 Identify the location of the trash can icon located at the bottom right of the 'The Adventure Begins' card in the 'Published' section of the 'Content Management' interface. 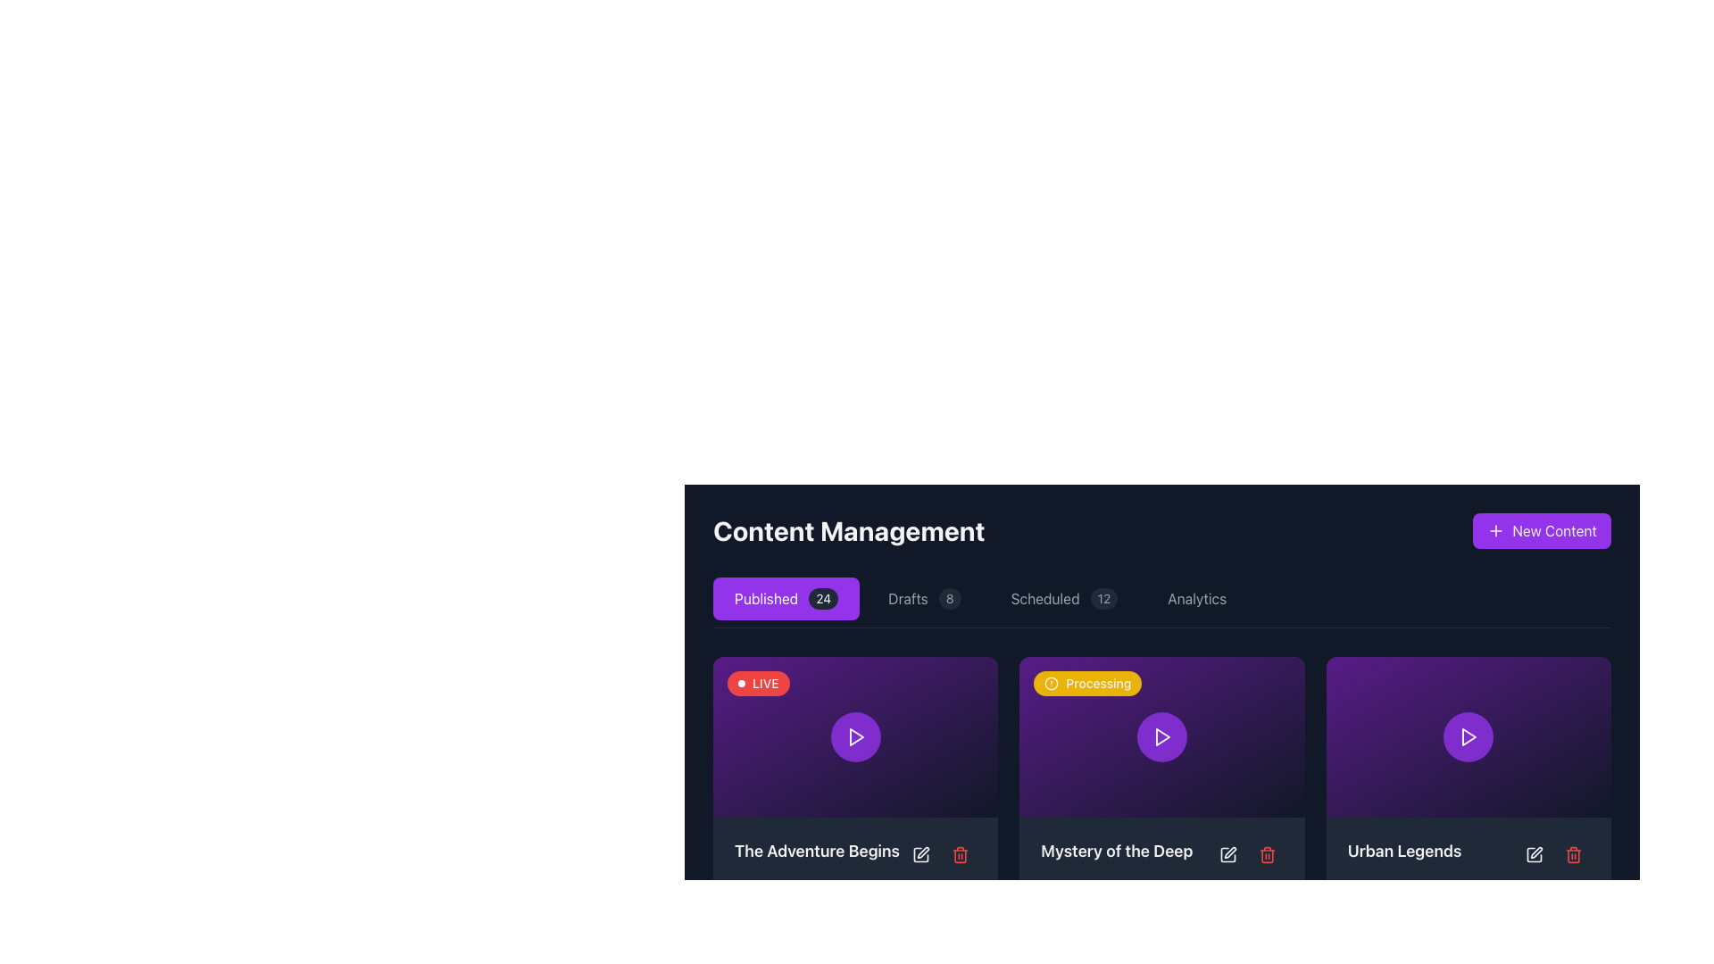
(960, 855).